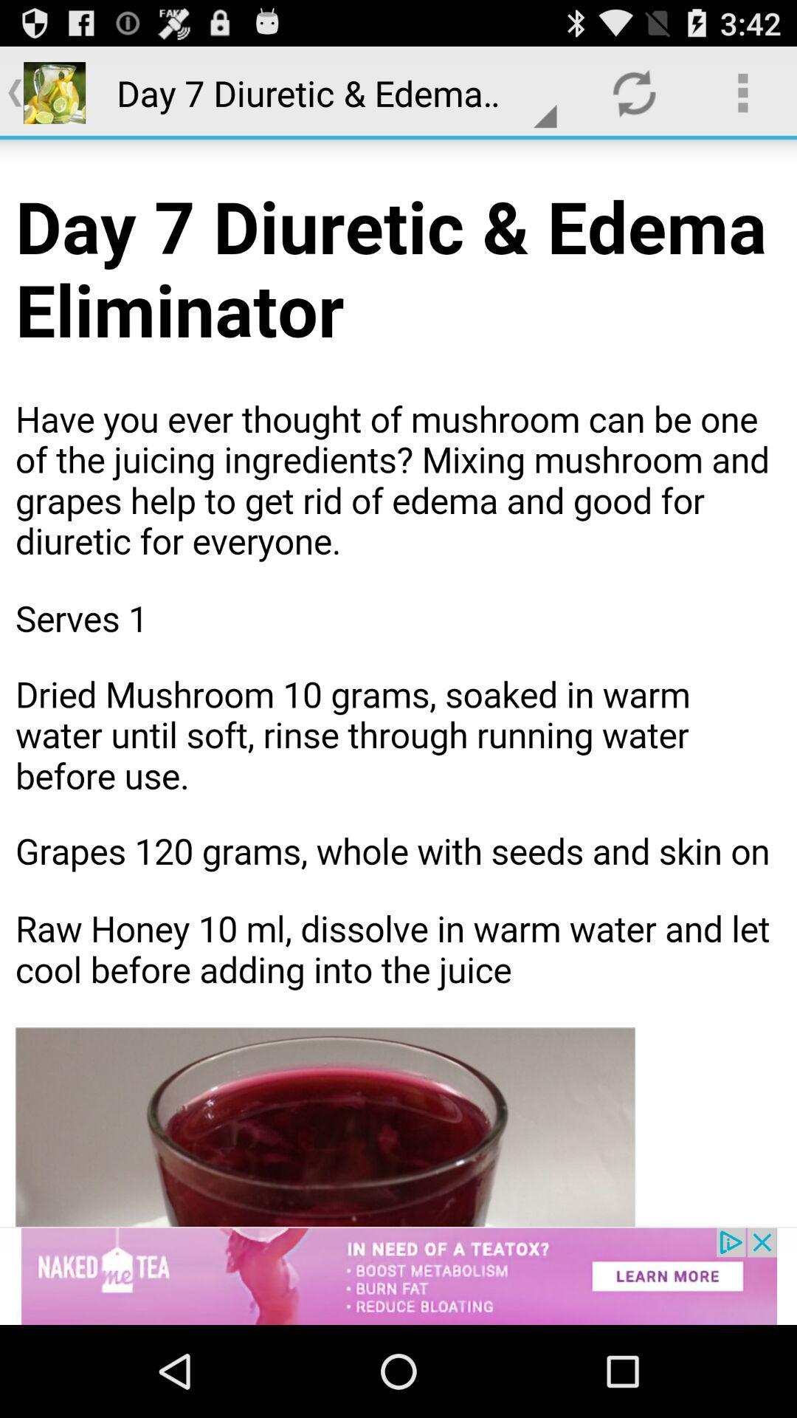 This screenshot has height=1418, width=797. What do you see at coordinates (398, 1275) in the screenshot?
I see `the advertisement` at bounding box center [398, 1275].